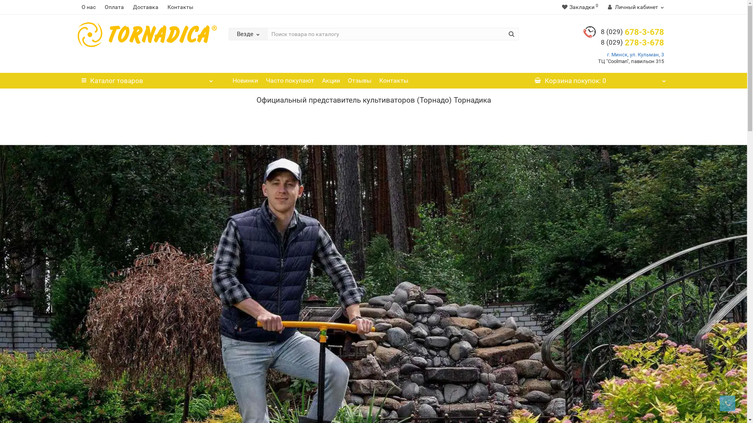 The height and width of the screenshot is (423, 753). Describe the element at coordinates (632, 42) in the screenshot. I see `'8 (029) 278-3-678'` at that location.